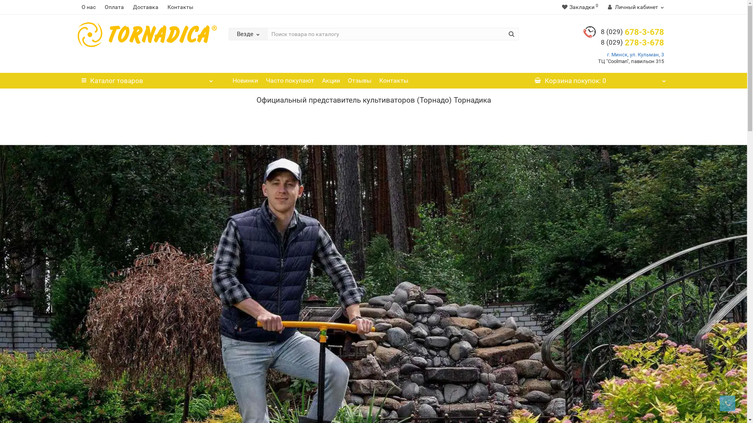 The height and width of the screenshot is (423, 753). Describe the element at coordinates (632, 42) in the screenshot. I see `'8 (029) 278-3-678'` at that location.